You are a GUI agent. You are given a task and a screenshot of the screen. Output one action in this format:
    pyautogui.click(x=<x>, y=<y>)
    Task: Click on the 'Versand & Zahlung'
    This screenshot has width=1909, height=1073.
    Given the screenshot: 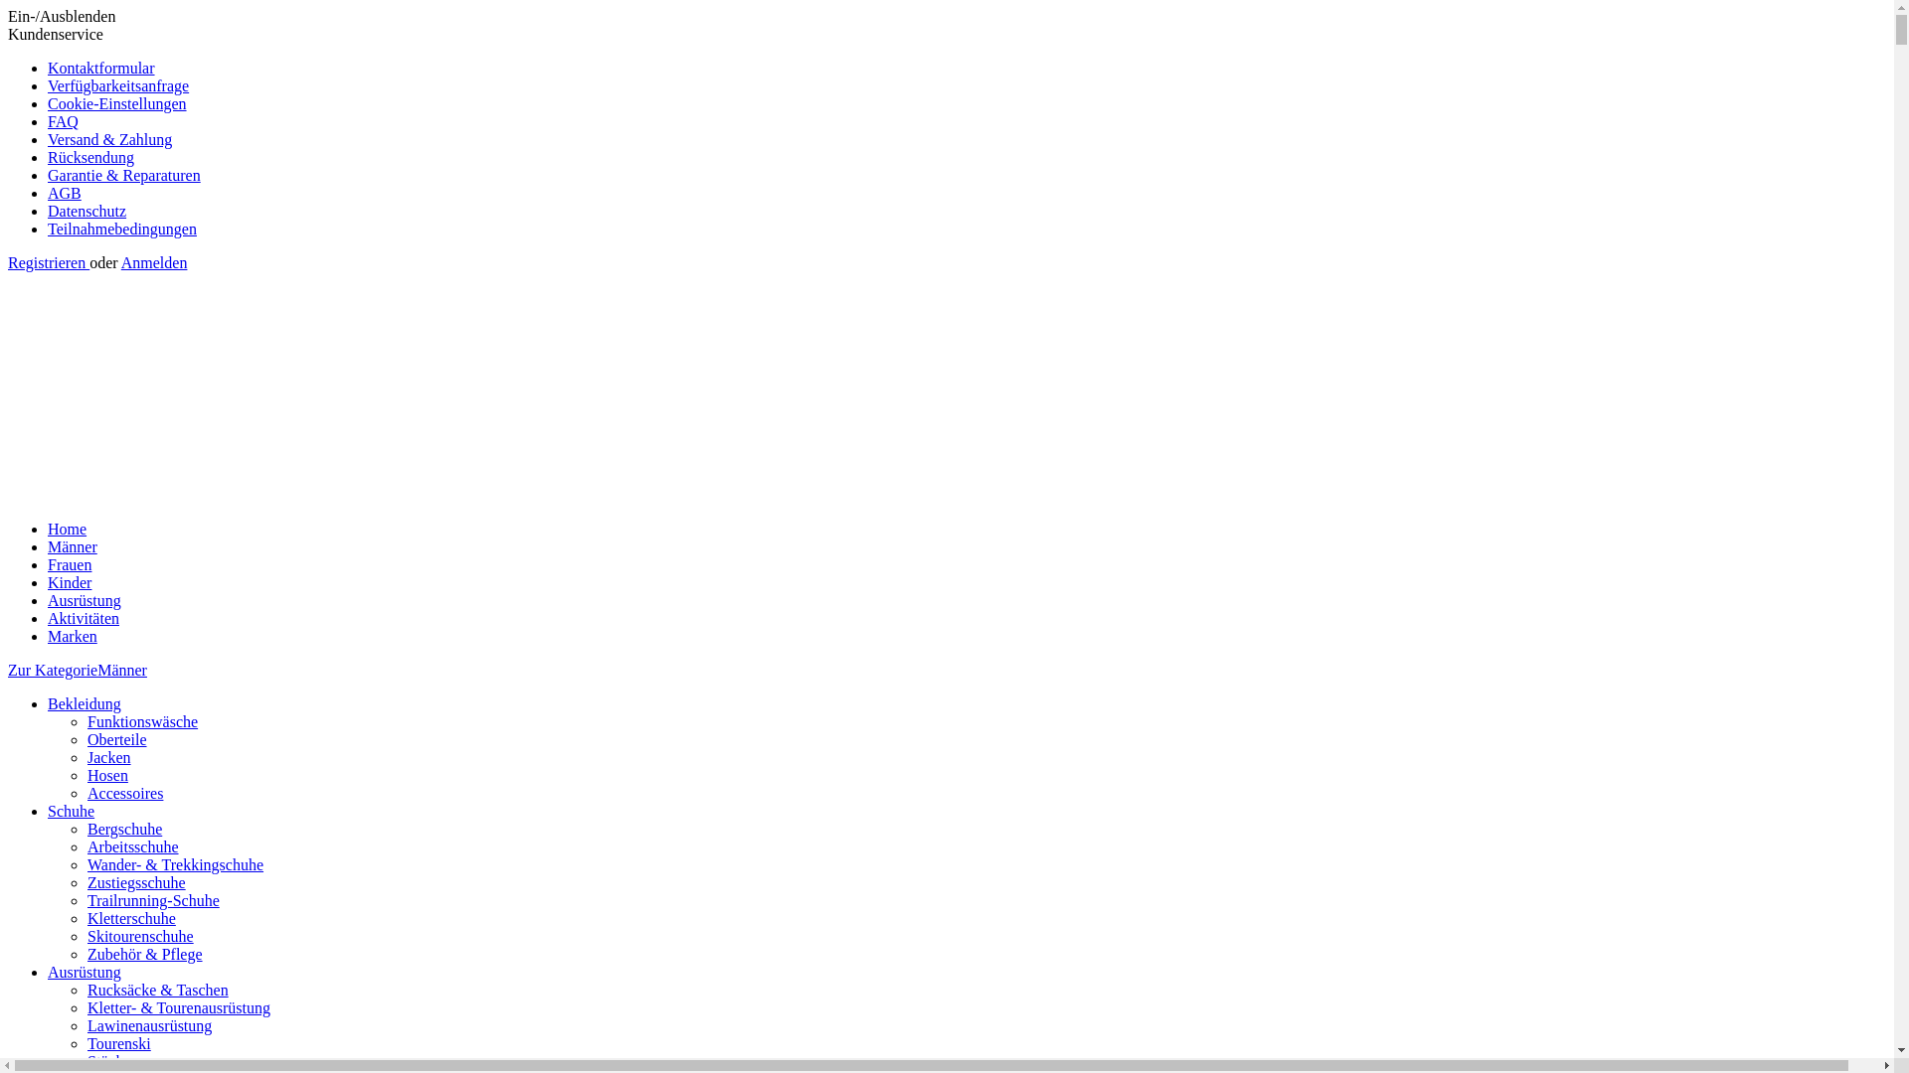 What is the action you would take?
    pyautogui.click(x=48, y=138)
    